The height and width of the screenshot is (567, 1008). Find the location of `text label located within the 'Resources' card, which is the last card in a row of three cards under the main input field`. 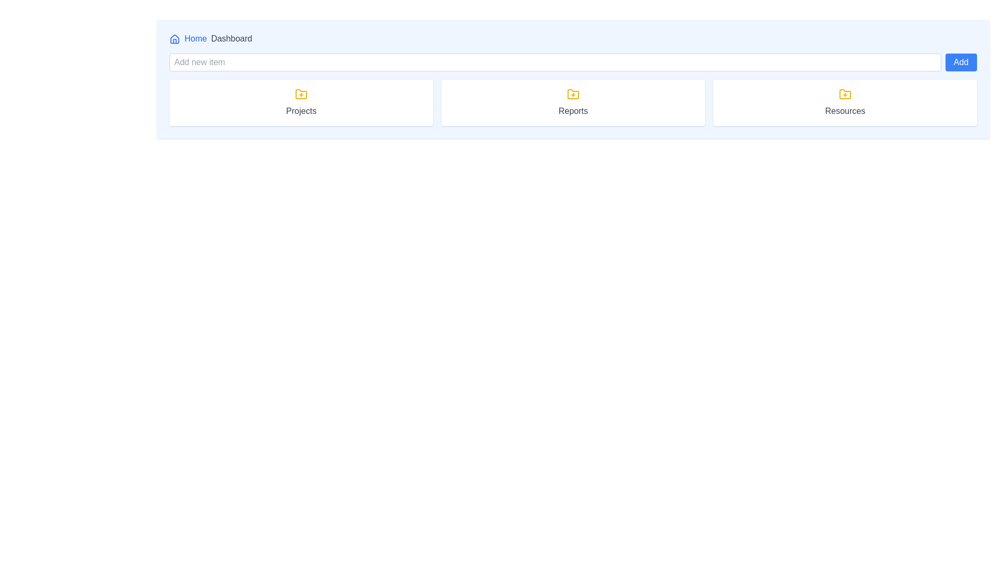

text label located within the 'Resources' card, which is the last card in a row of three cards under the main input field is located at coordinates (845, 111).